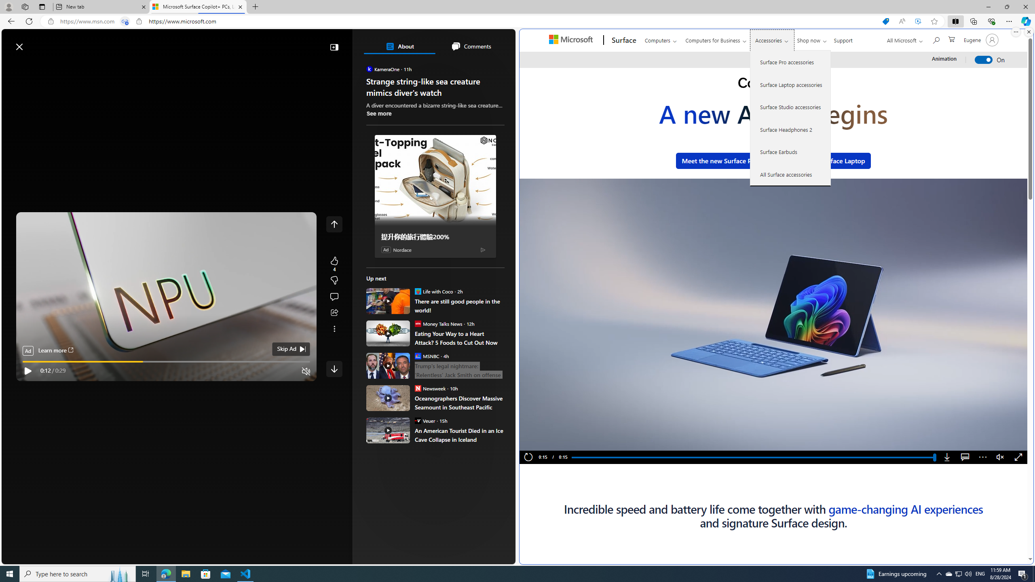 Image resolution: width=1035 pixels, height=582 pixels. What do you see at coordinates (790, 107) in the screenshot?
I see `'Surface Studio accessories'` at bounding box center [790, 107].